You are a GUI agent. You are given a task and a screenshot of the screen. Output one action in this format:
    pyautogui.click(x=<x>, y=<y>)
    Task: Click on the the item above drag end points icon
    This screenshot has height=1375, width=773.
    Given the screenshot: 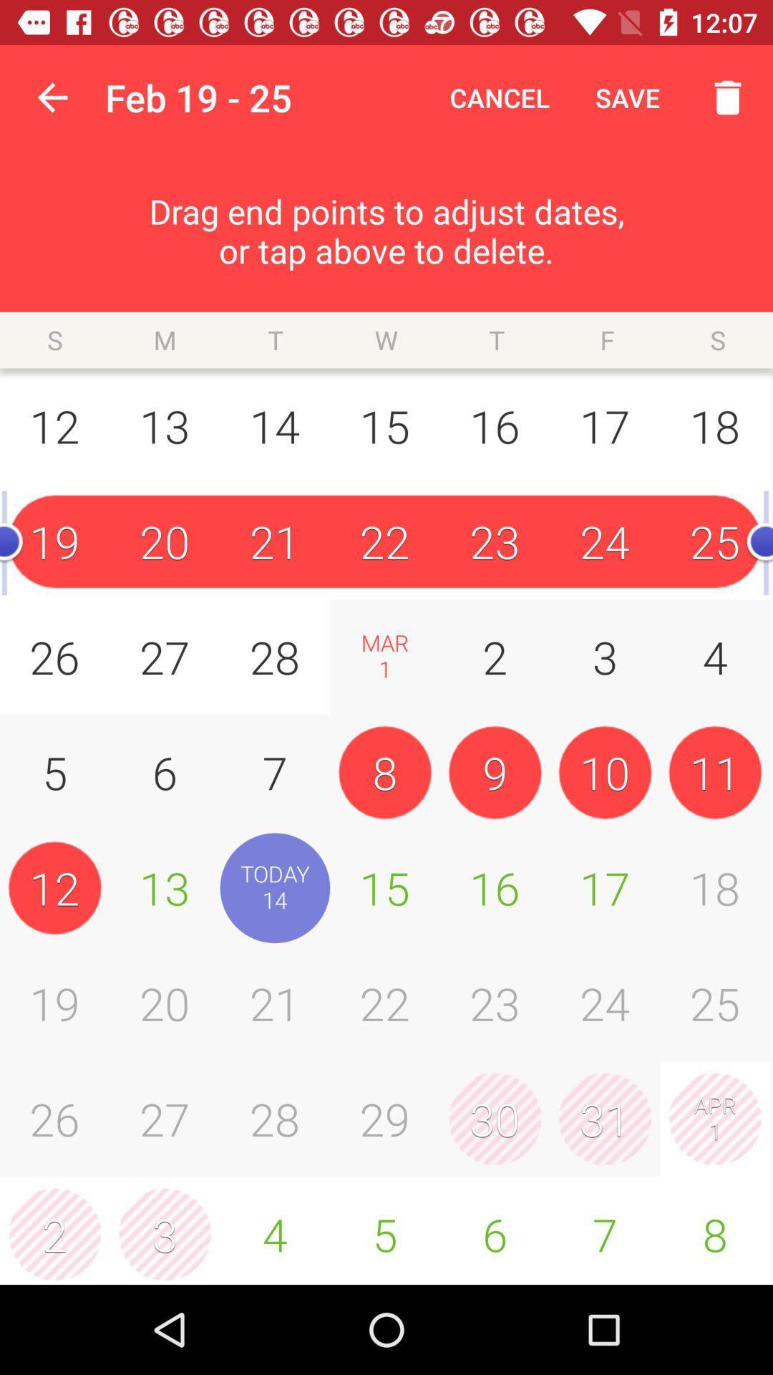 What is the action you would take?
    pyautogui.click(x=52, y=97)
    